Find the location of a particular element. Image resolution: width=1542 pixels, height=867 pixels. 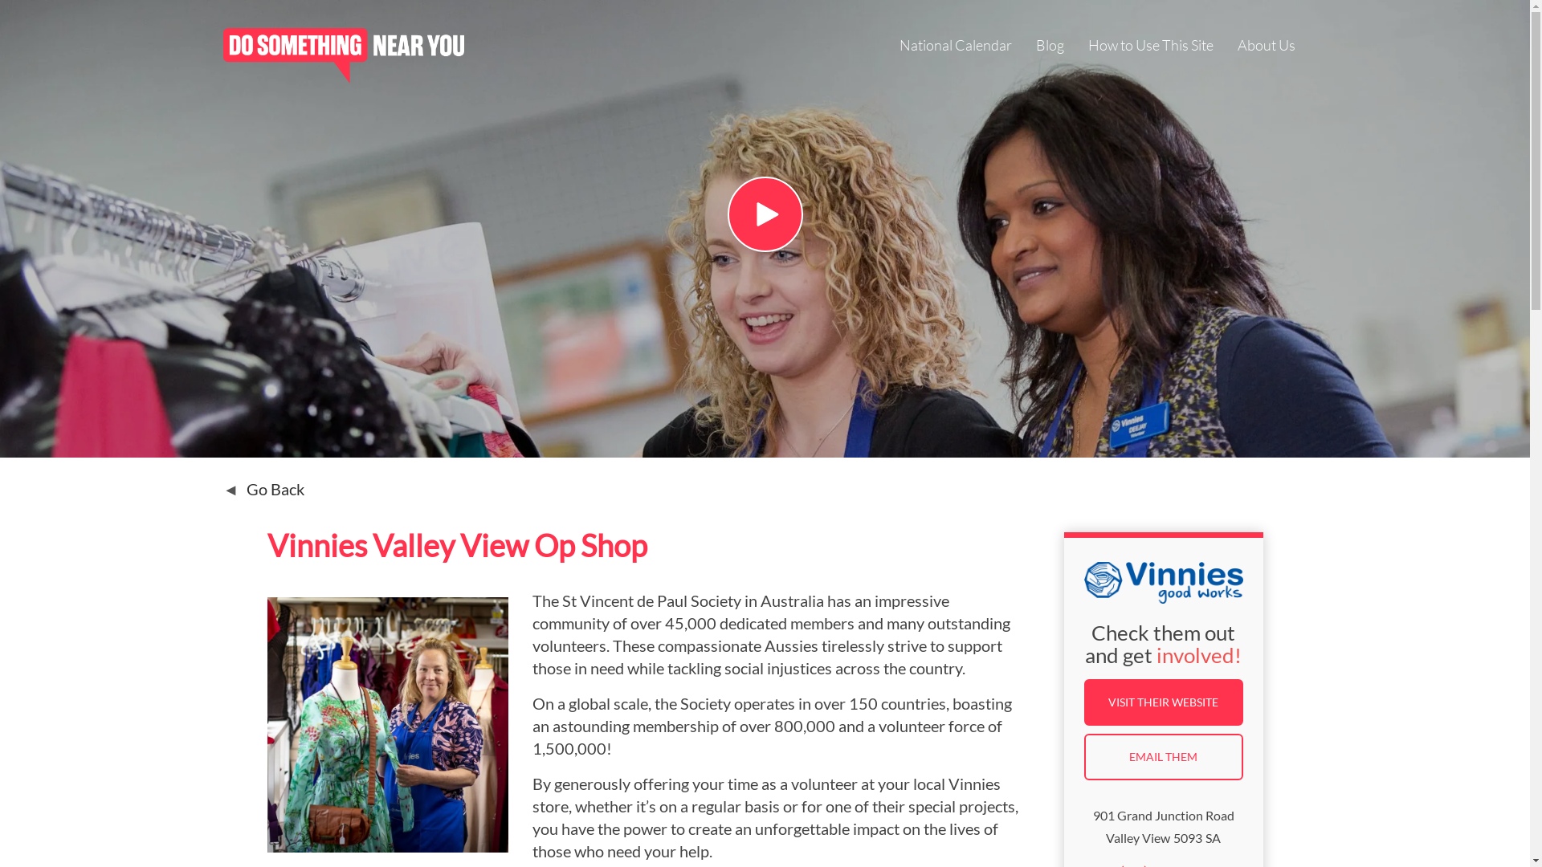

'How to Use This Site' is located at coordinates (1148, 46).